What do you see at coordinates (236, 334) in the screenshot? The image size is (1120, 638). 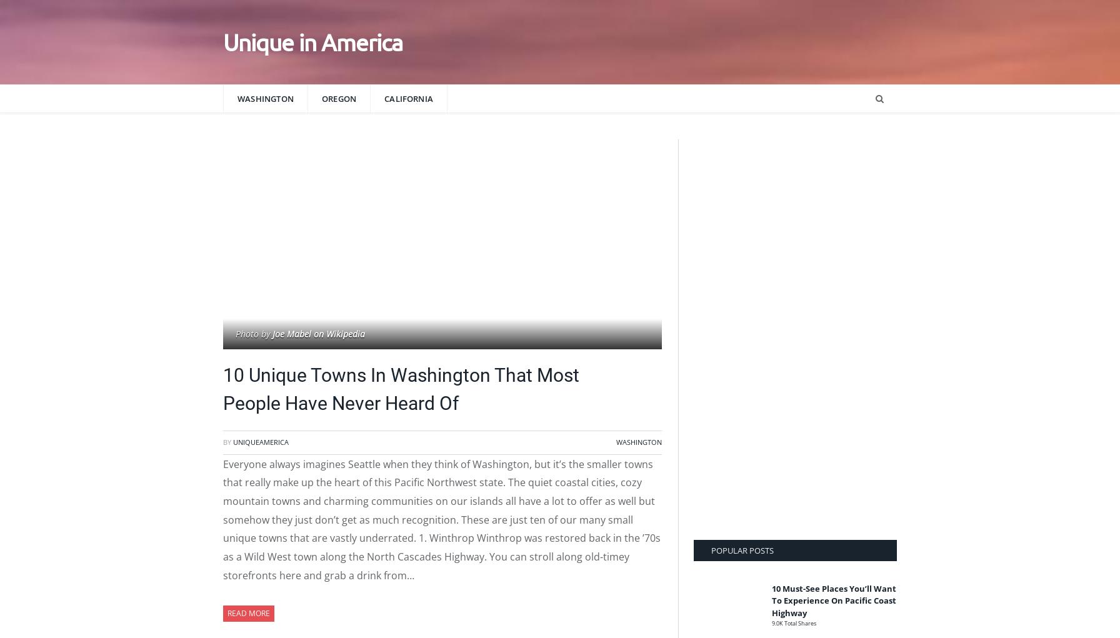 I see `'Photo by'` at bounding box center [236, 334].